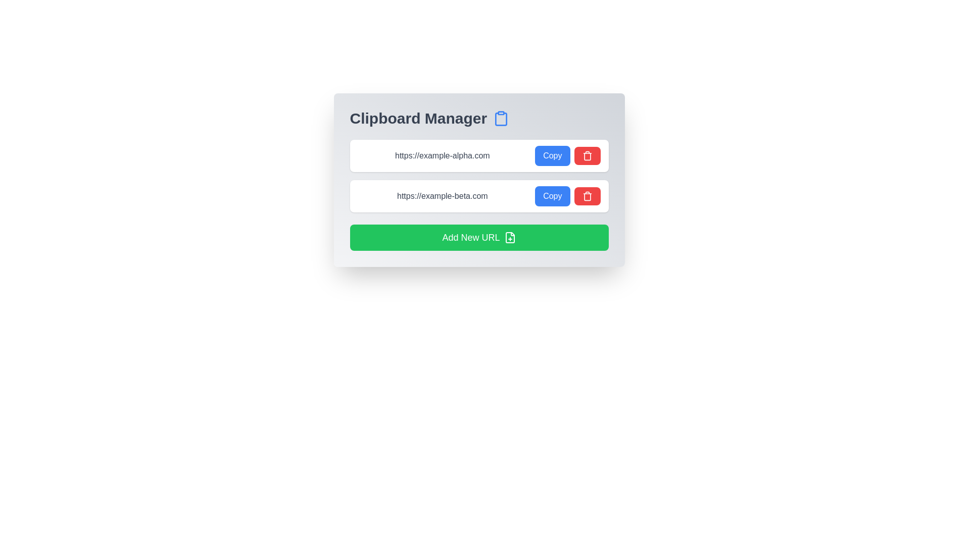  I want to click on the 'Copy' button with a blue background and white text in the Clipboard Manager interface, so click(552, 196).